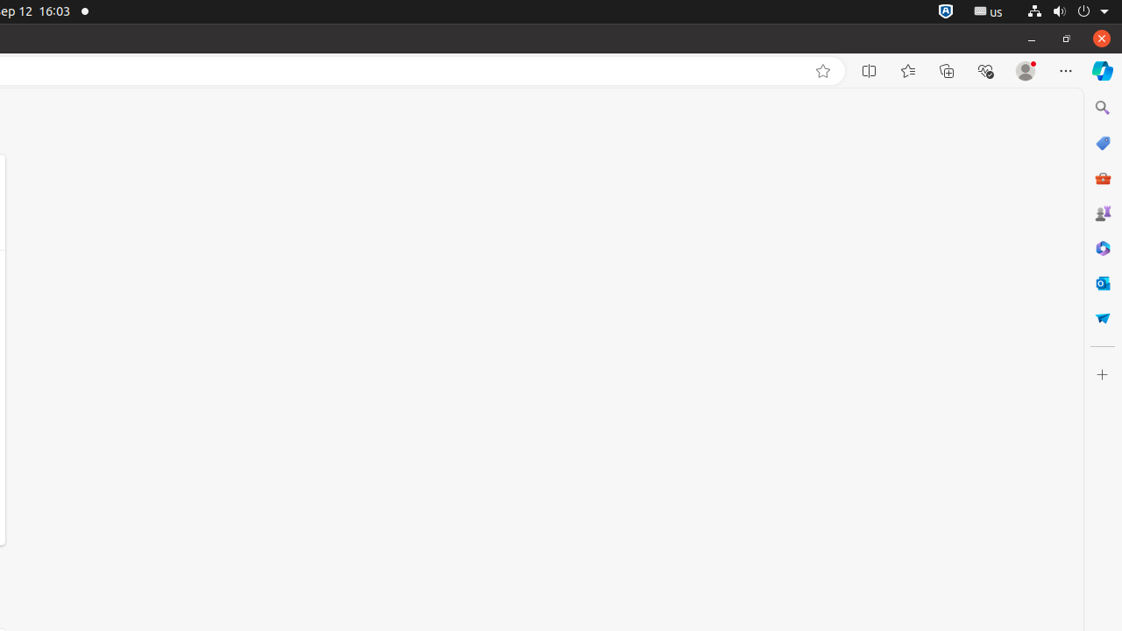 The width and height of the screenshot is (1122, 631). Describe the element at coordinates (984, 70) in the screenshot. I see `'Browser essentials'` at that location.